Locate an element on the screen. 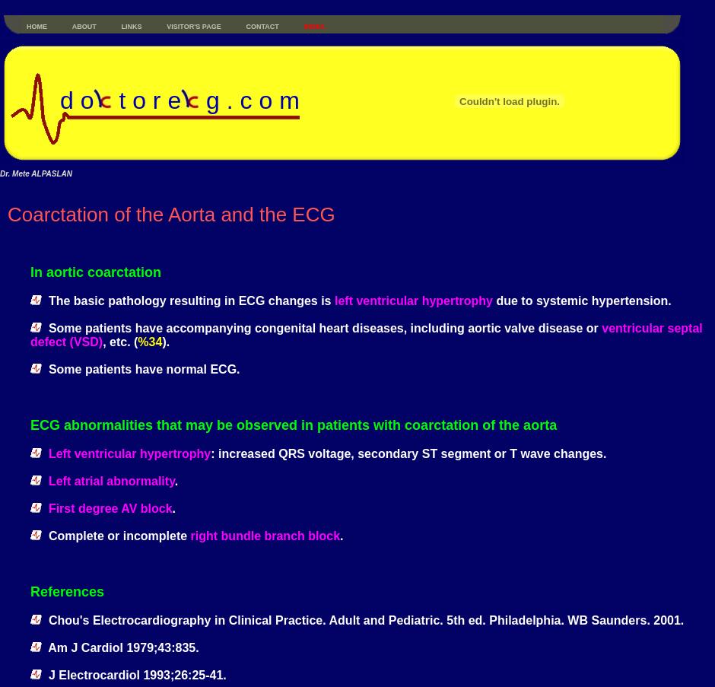  'ABOUT' is located at coordinates (83, 26).